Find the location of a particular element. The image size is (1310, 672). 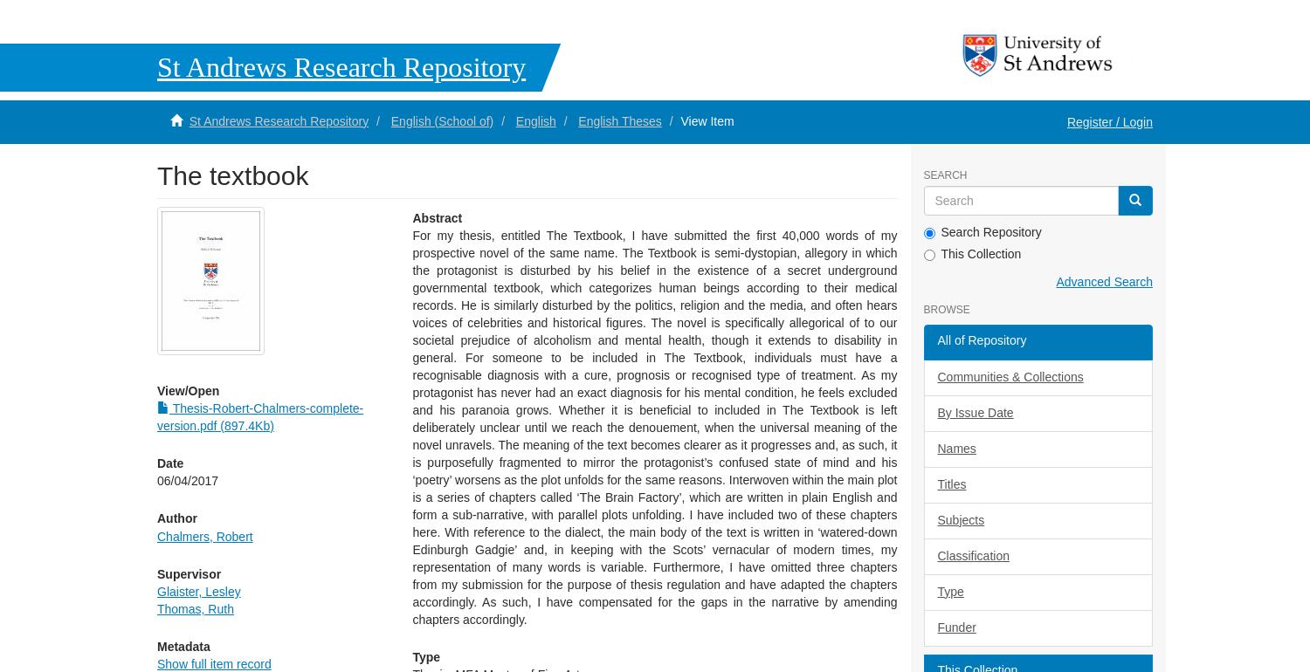

'View Item' is located at coordinates (707, 120).